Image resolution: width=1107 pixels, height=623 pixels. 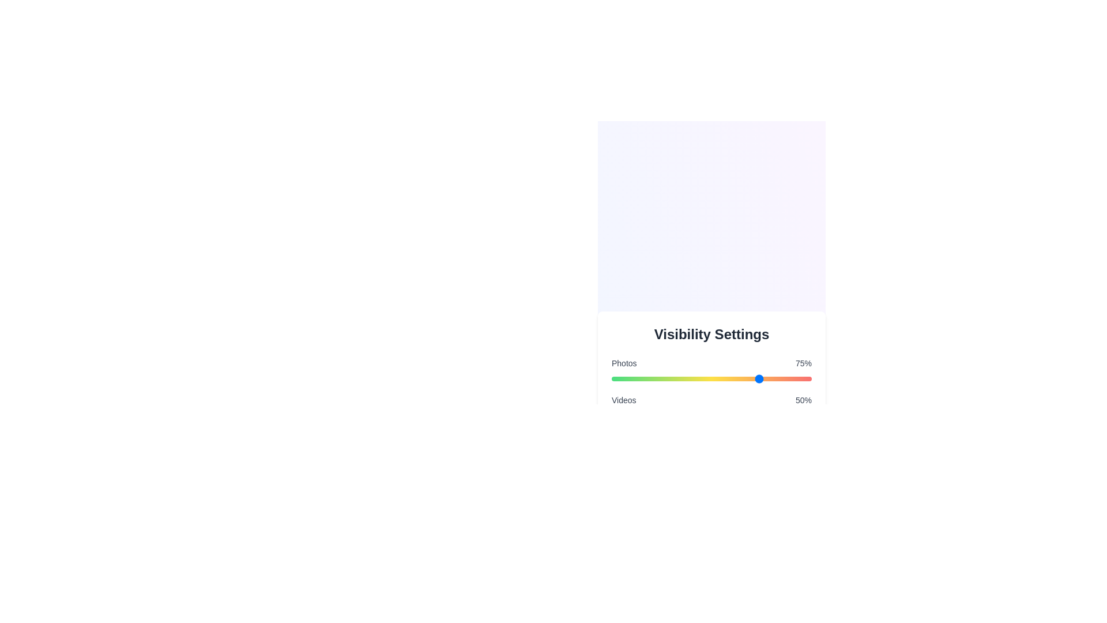 I want to click on the visibility percentage for a category by setting the slider to 66, so click(x=744, y=378).